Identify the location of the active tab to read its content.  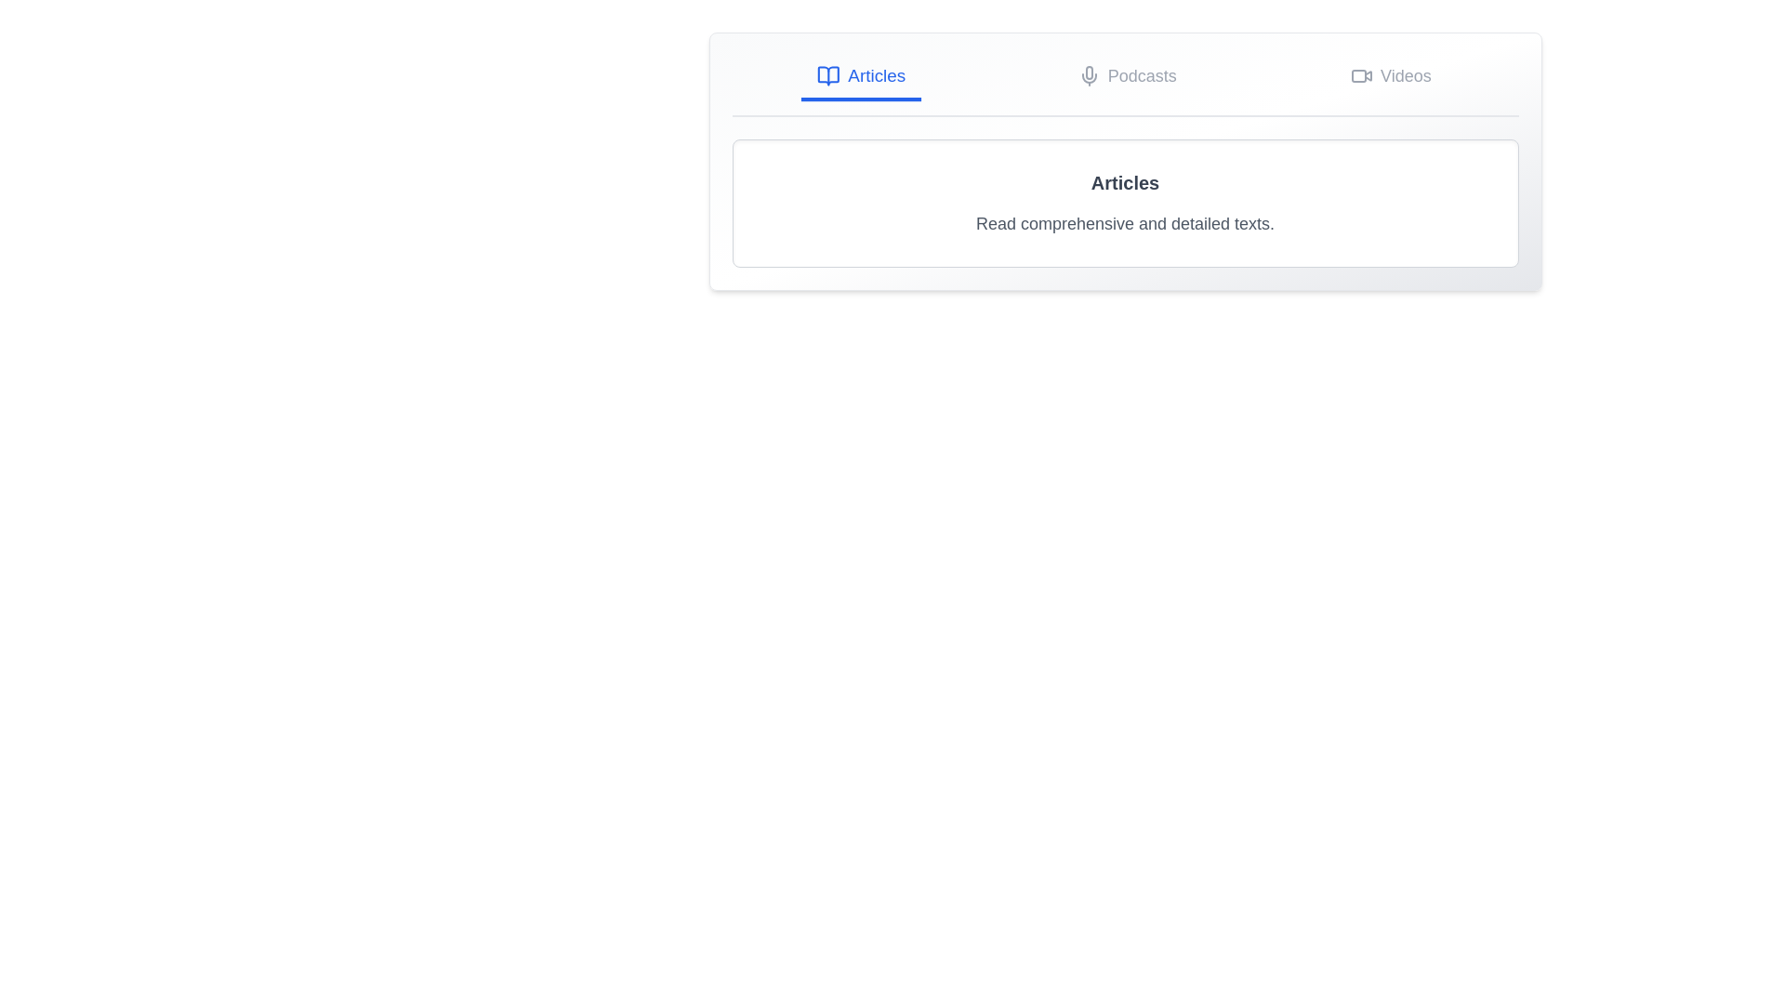
(860, 77).